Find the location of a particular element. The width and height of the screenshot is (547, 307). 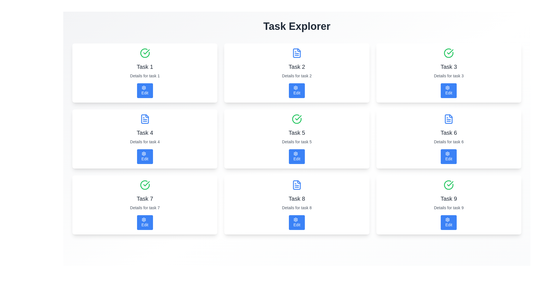

the edit button located in the center-bottom area of the 'Task 4' card to initiate editing is located at coordinates (145, 157).